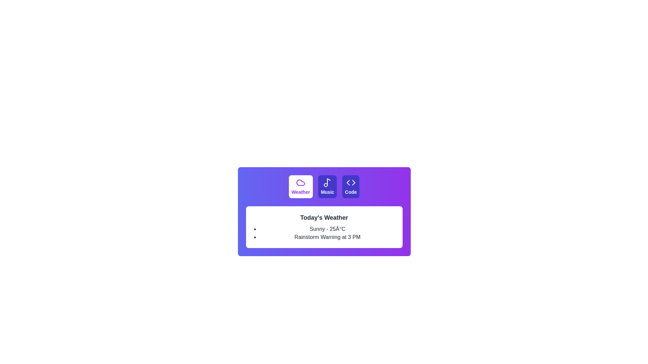 This screenshot has height=364, width=648. What do you see at coordinates (300, 187) in the screenshot?
I see `the 'Weather' button, which features a purple cloud icon and bold purple text` at bounding box center [300, 187].